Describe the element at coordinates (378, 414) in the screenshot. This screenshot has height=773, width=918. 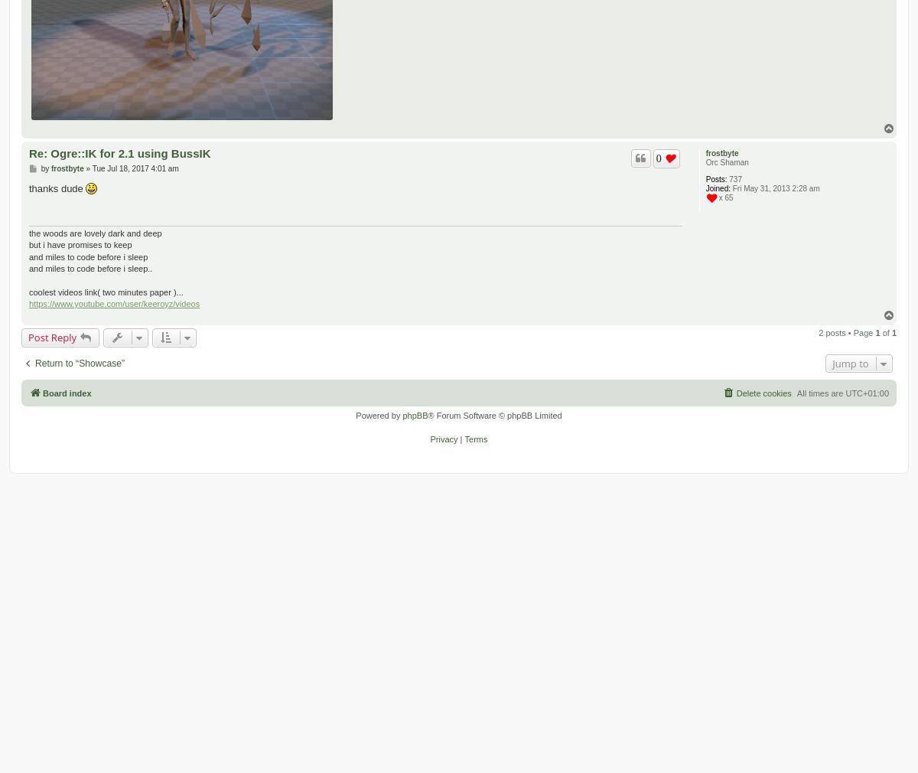
I see `'Powered by'` at that location.